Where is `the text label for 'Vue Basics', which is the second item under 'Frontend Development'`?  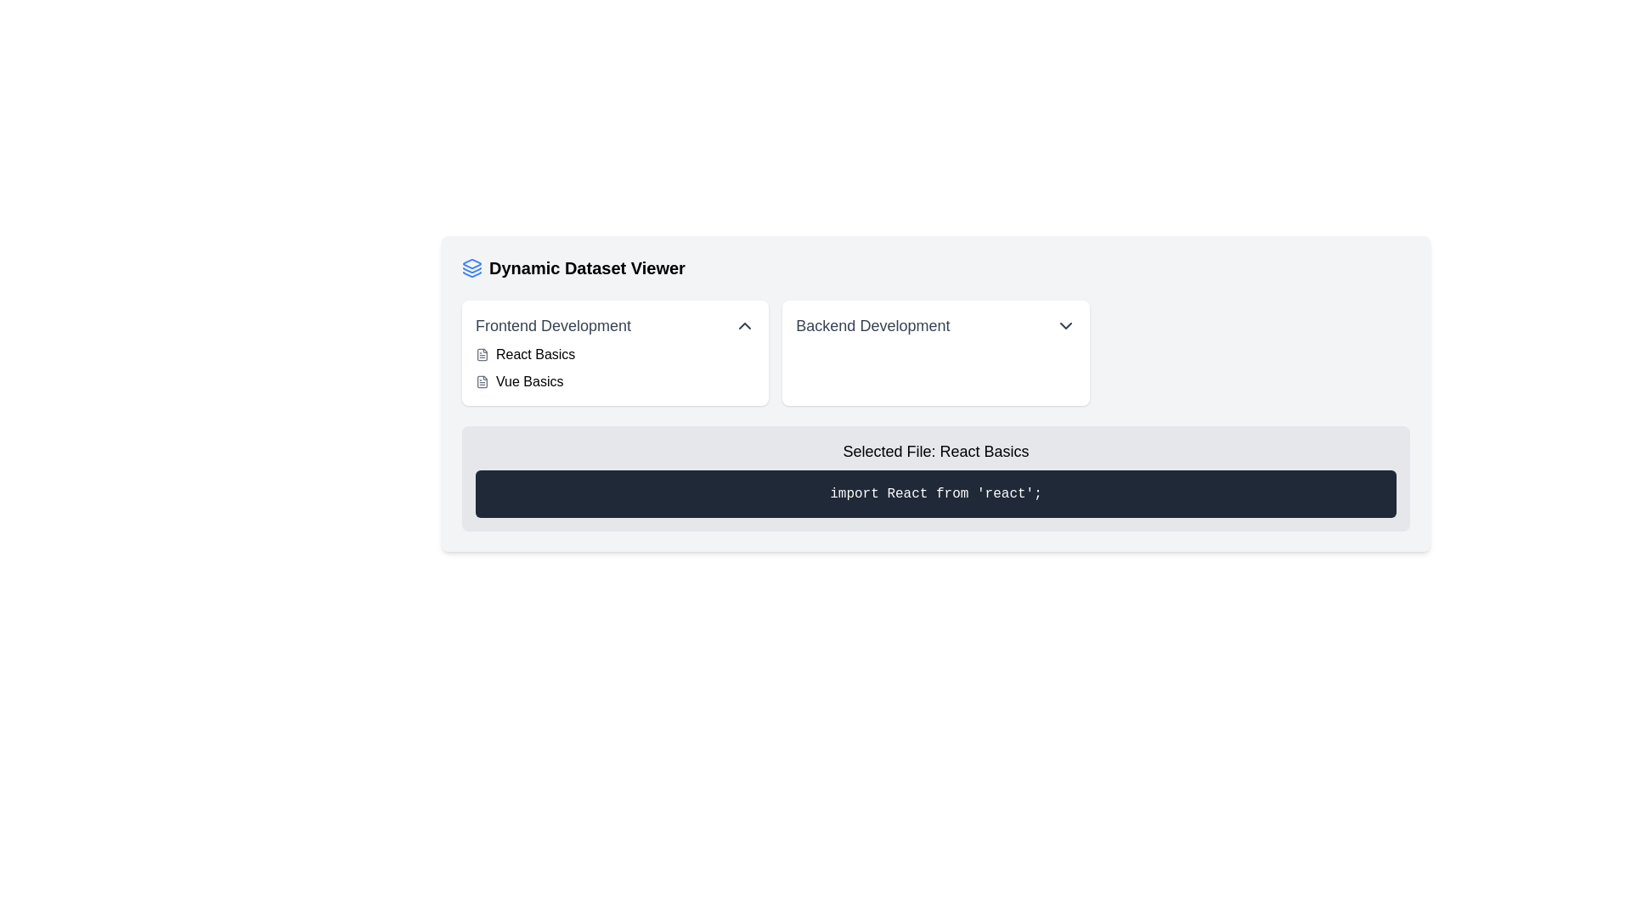 the text label for 'Vue Basics', which is the second item under 'Frontend Development' is located at coordinates (528, 382).